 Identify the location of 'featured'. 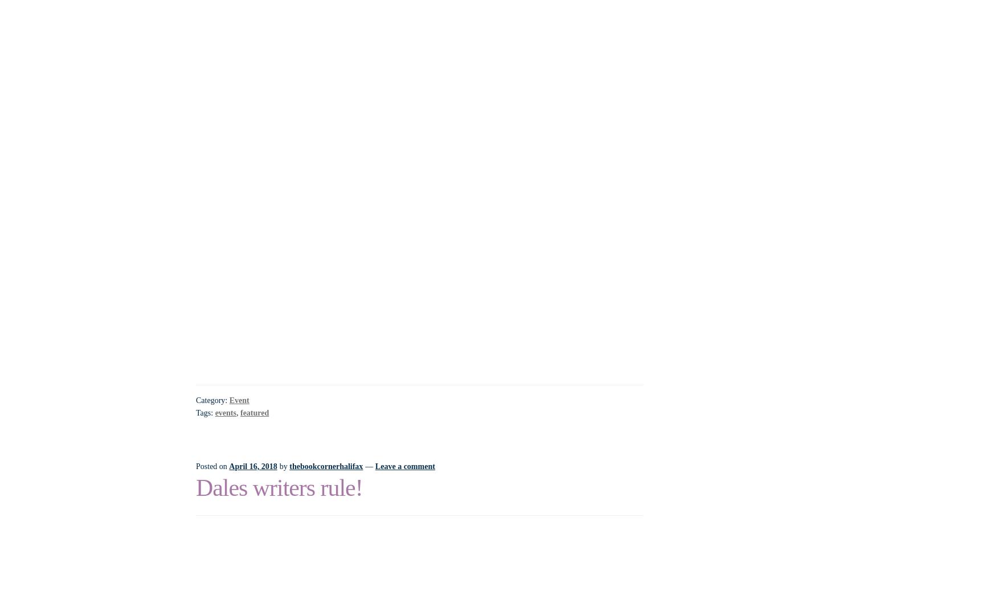
(254, 413).